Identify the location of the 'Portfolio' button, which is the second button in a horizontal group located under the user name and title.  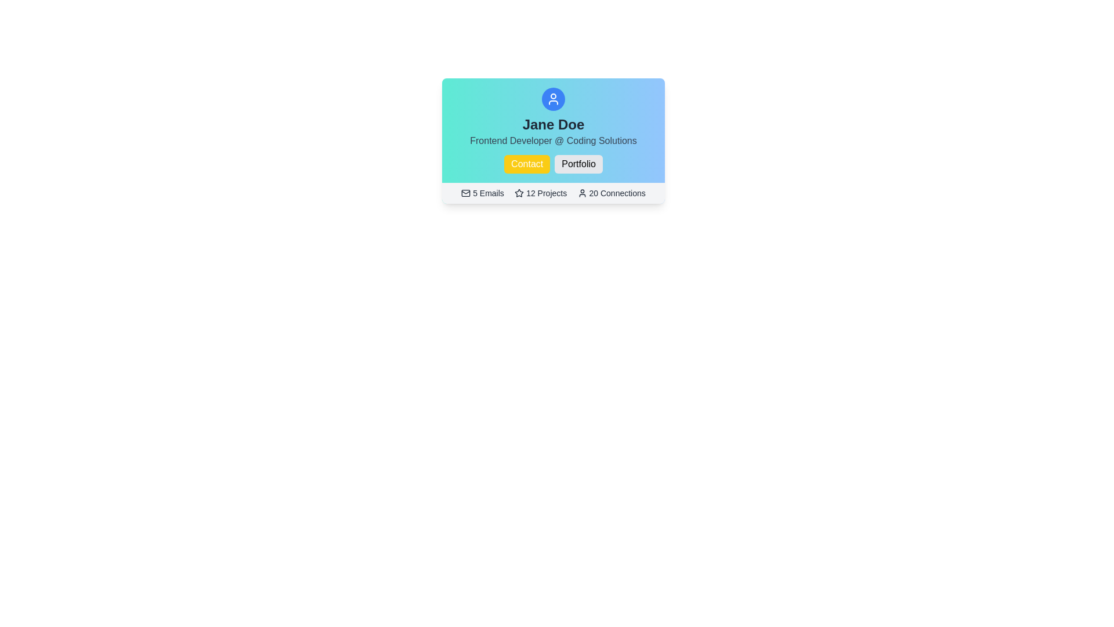
(578, 164).